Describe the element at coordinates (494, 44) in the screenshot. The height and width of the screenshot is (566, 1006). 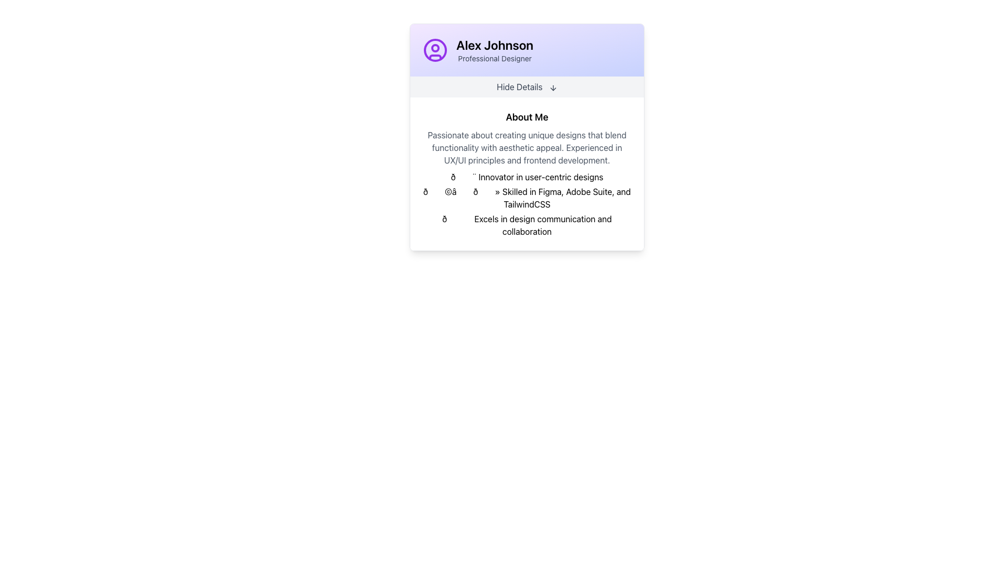
I see `text of the bold heading 'Alex Johnson' located at the top of the profile card, which contrasts against a light purple background` at that location.